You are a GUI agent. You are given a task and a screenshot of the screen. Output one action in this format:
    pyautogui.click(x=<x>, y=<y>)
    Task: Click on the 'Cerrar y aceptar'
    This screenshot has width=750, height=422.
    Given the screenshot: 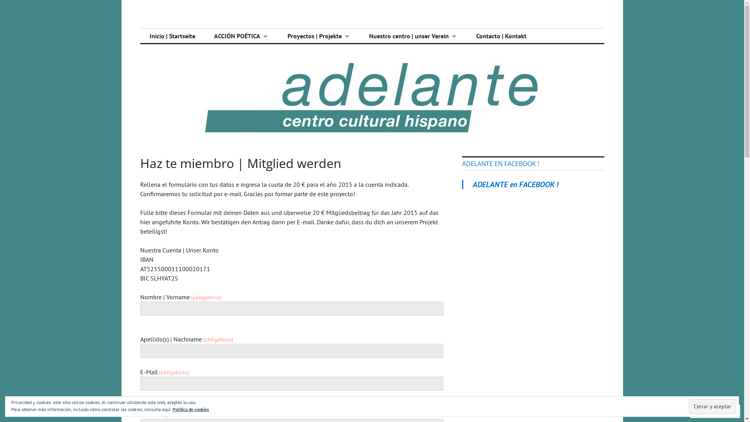 What is the action you would take?
    pyautogui.click(x=712, y=406)
    